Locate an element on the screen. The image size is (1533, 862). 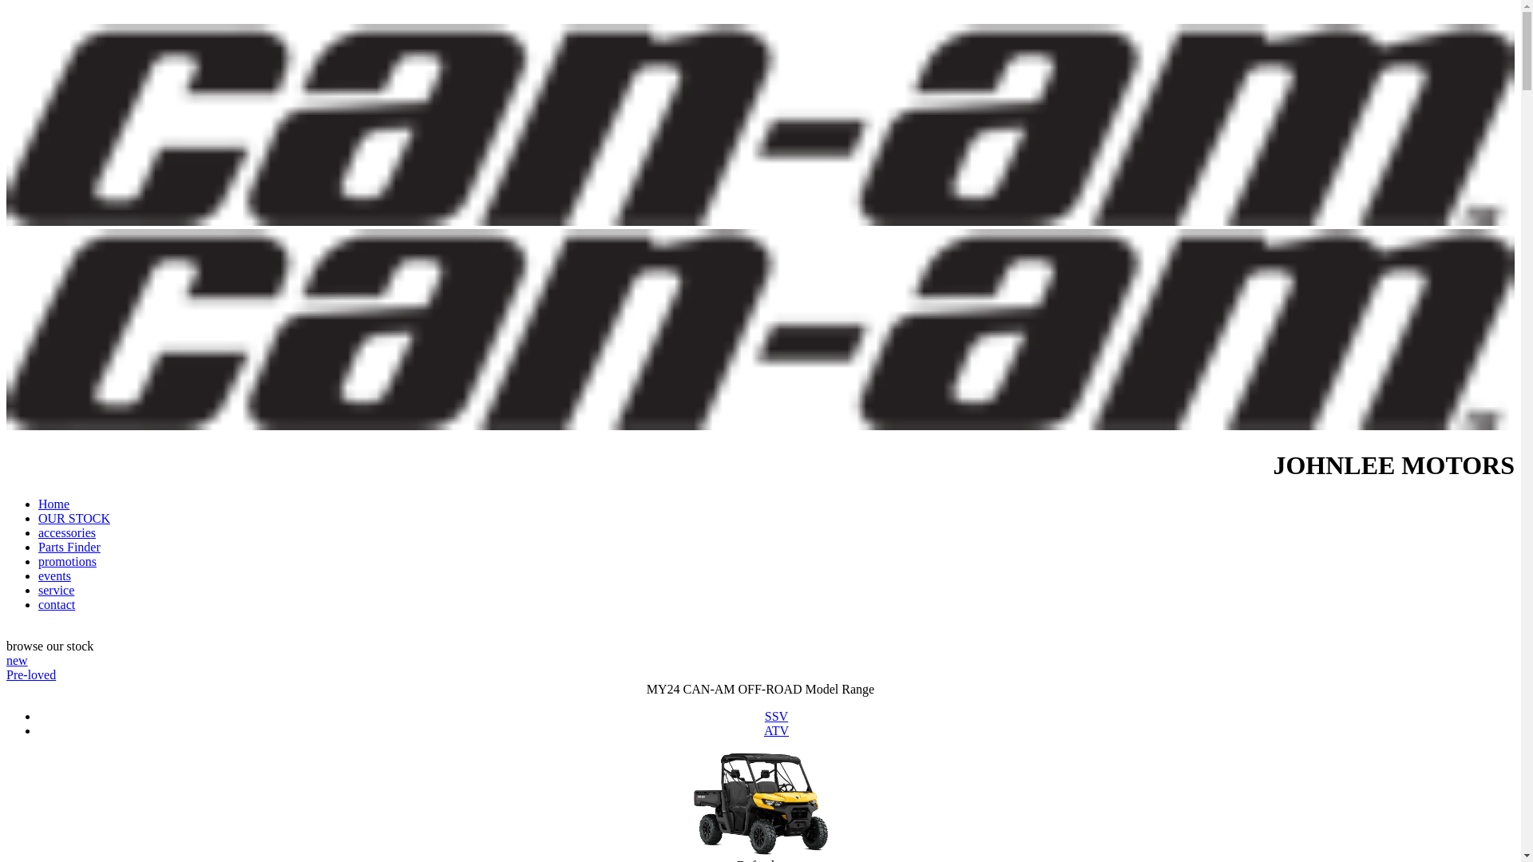
'Pre-loved' is located at coordinates (6, 674).